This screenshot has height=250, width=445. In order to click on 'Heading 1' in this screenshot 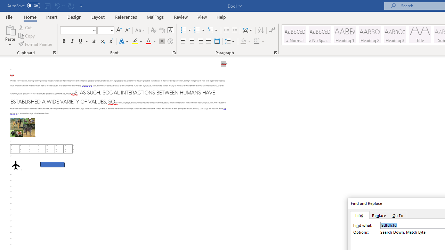, I will do `click(345, 35)`.